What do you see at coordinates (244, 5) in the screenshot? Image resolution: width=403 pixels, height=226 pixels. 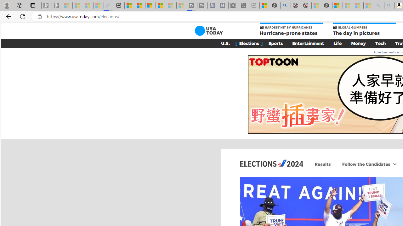 I see `'X - Sleeping'` at bounding box center [244, 5].